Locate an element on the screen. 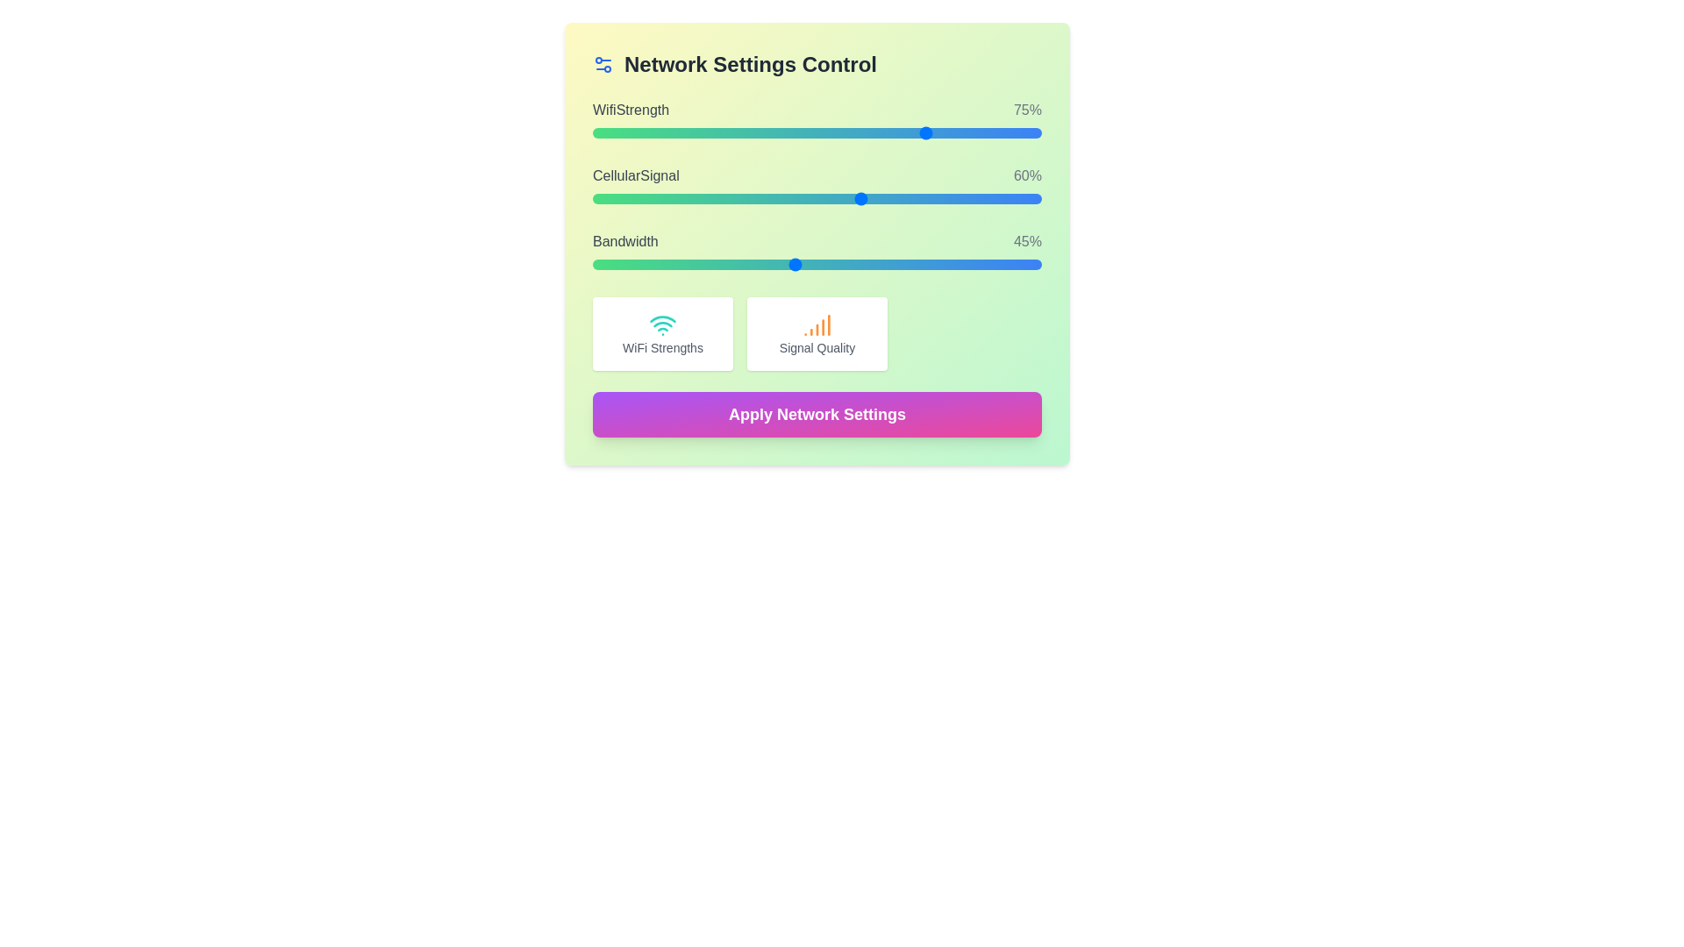 The height and width of the screenshot is (947, 1684). the bandwidth slider is located at coordinates (654, 264).